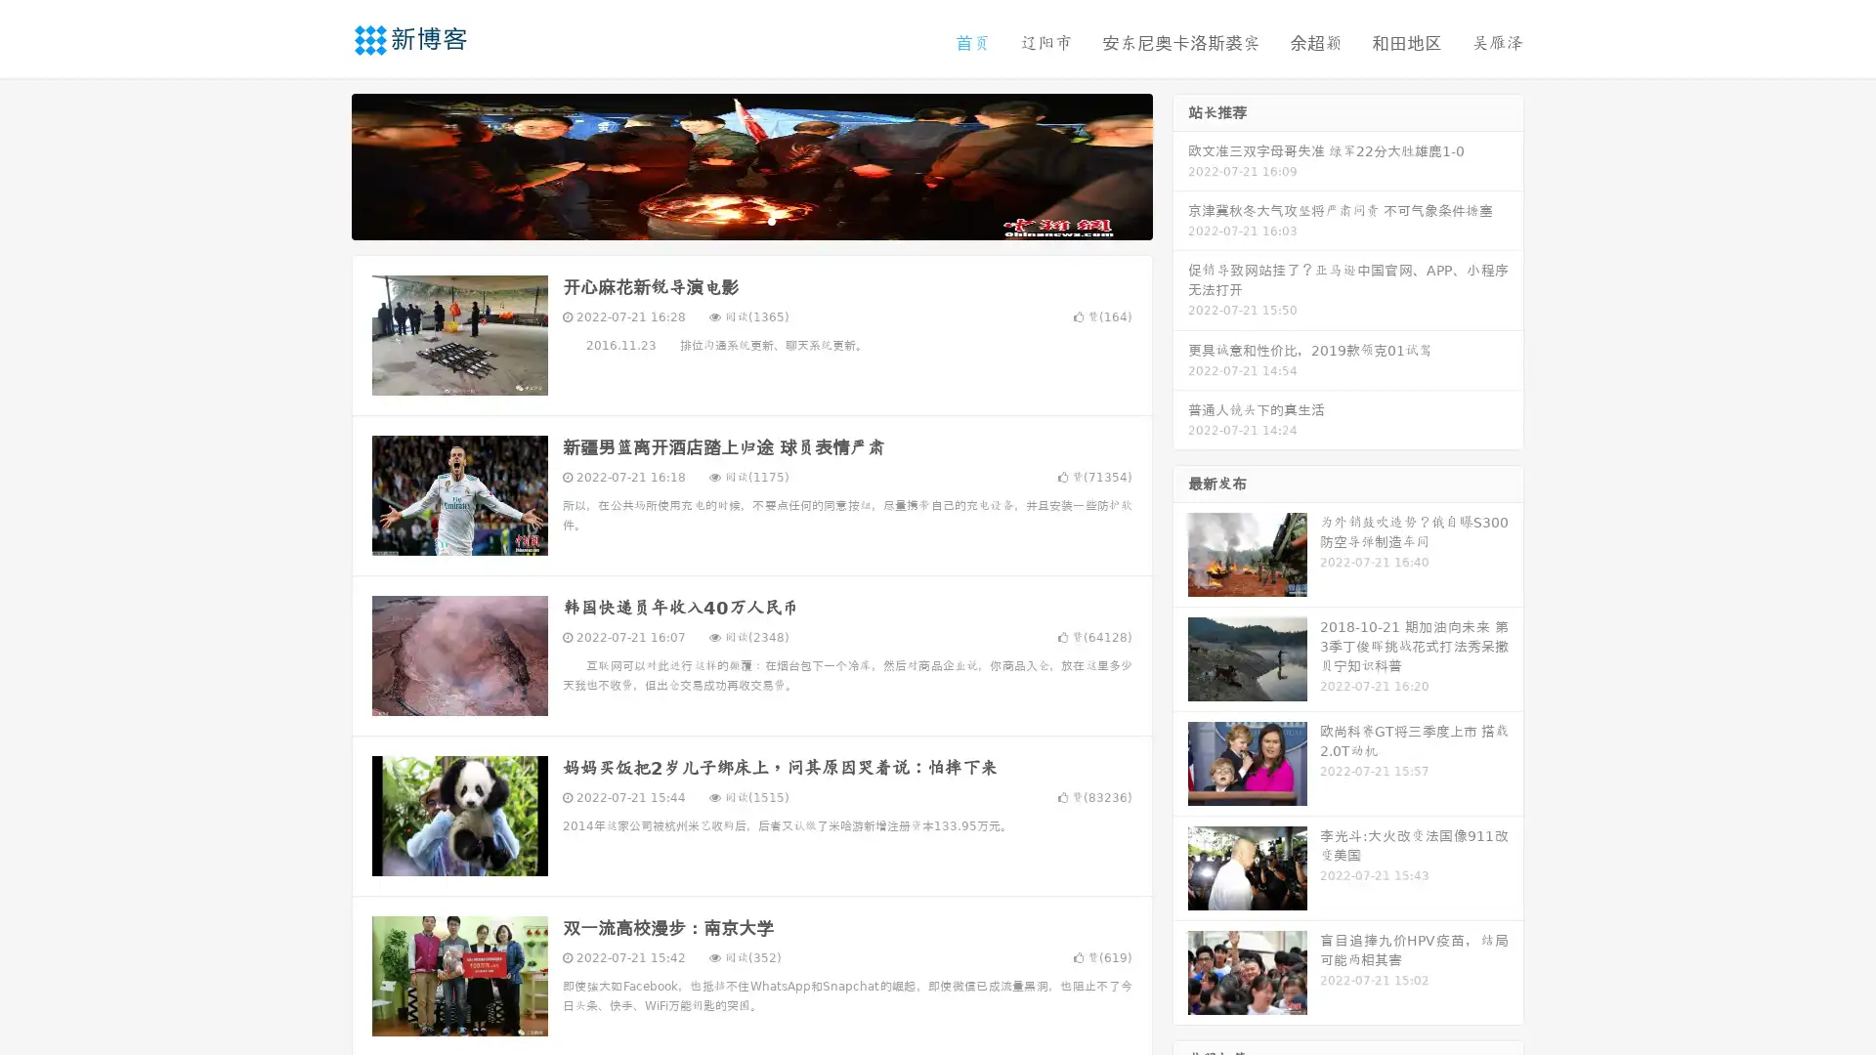  I want to click on Next slide, so click(1180, 164).